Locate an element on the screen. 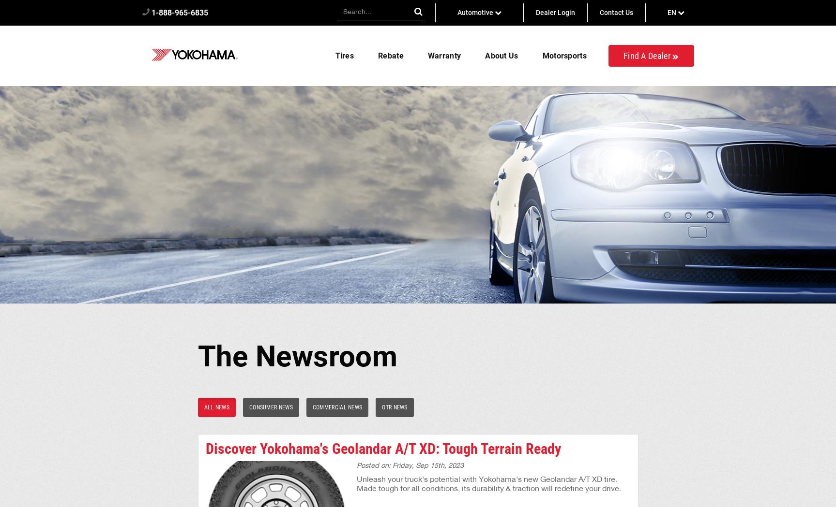 The image size is (836, 507). 'Automotive' is located at coordinates (475, 12).